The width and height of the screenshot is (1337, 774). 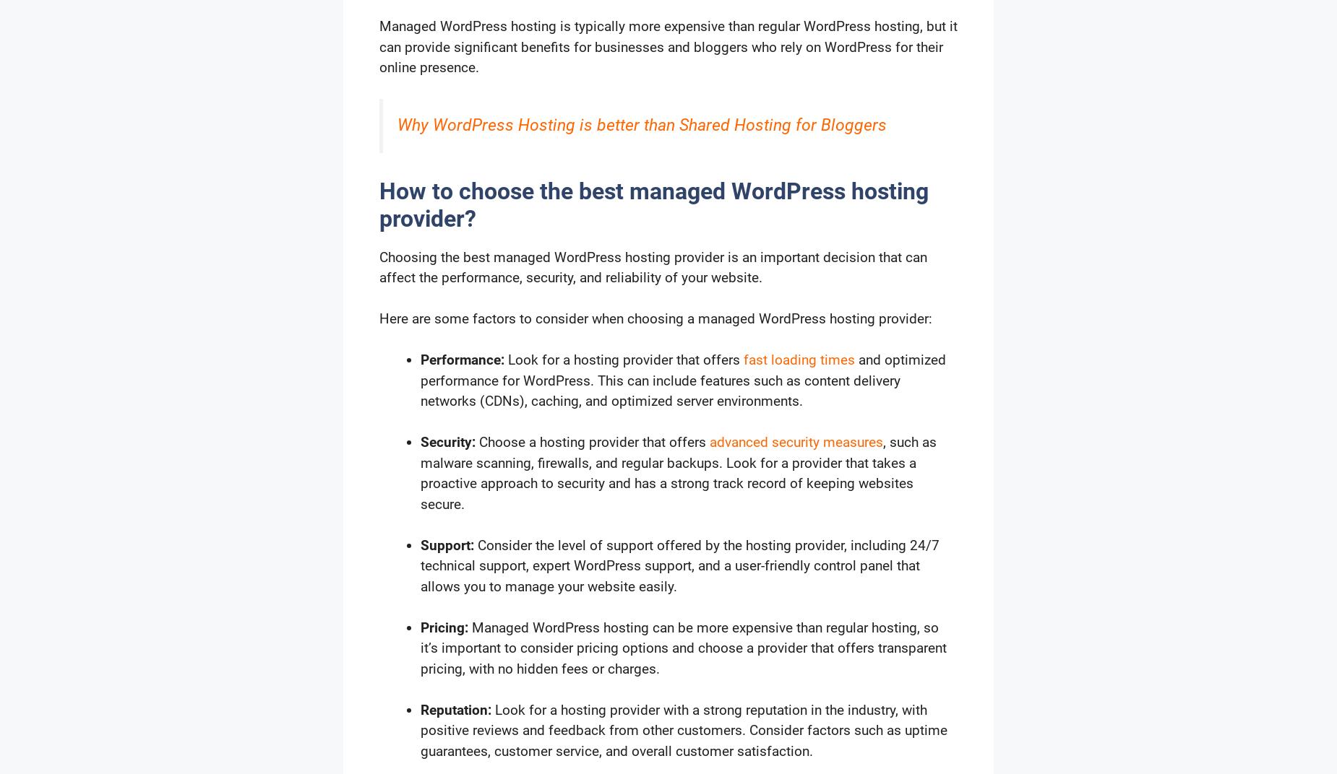 What do you see at coordinates (447, 442) in the screenshot?
I see `'Security:'` at bounding box center [447, 442].